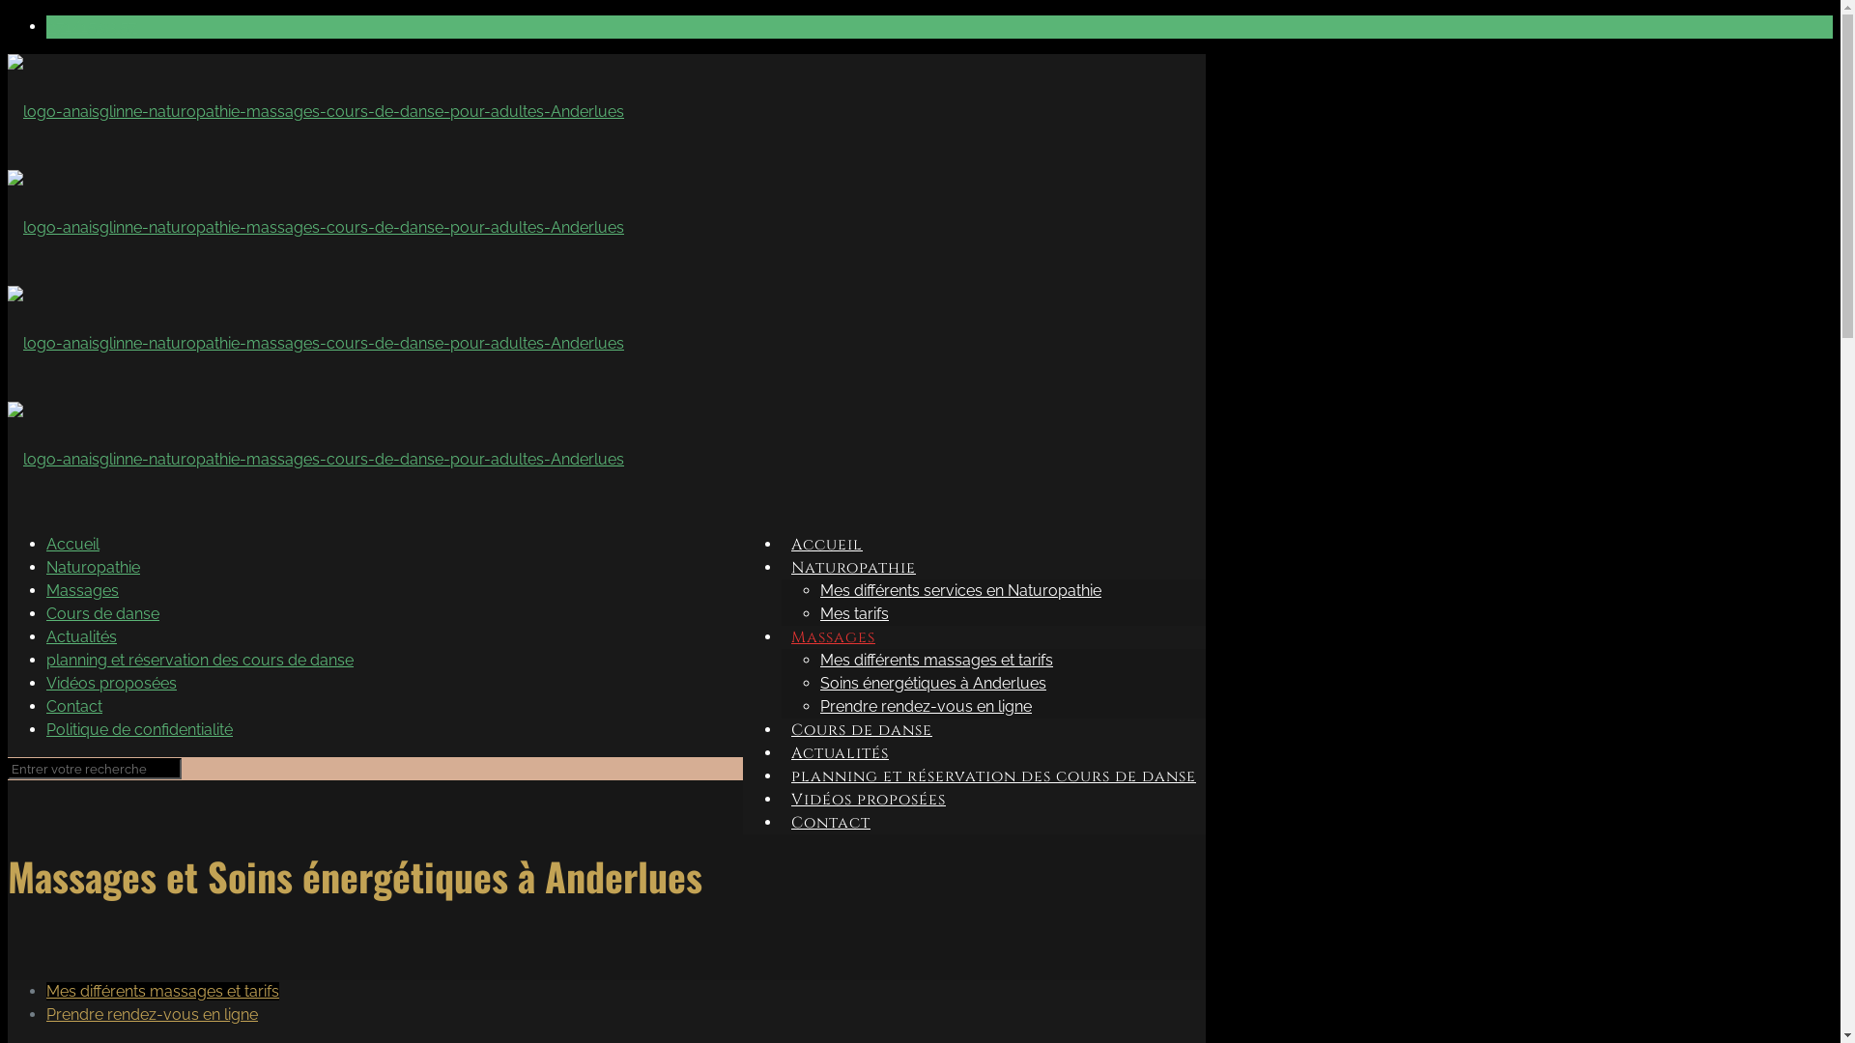 The width and height of the screenshot is (1855, 1043). What do you see at coordinates (826, 544) in the screenshot?
I see `'Accueil'` at bounding box center [826, 544].